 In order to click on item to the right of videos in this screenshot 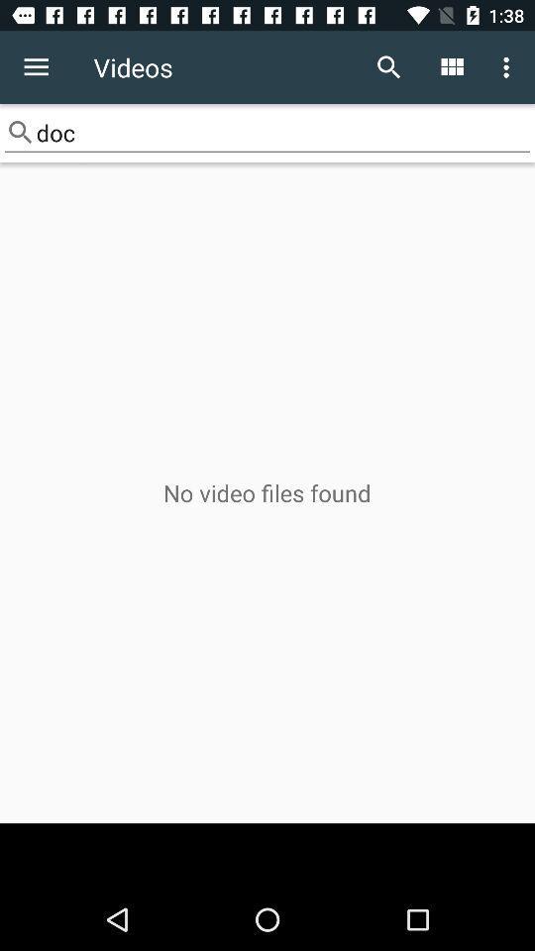, I will do `click(389, 67)`.